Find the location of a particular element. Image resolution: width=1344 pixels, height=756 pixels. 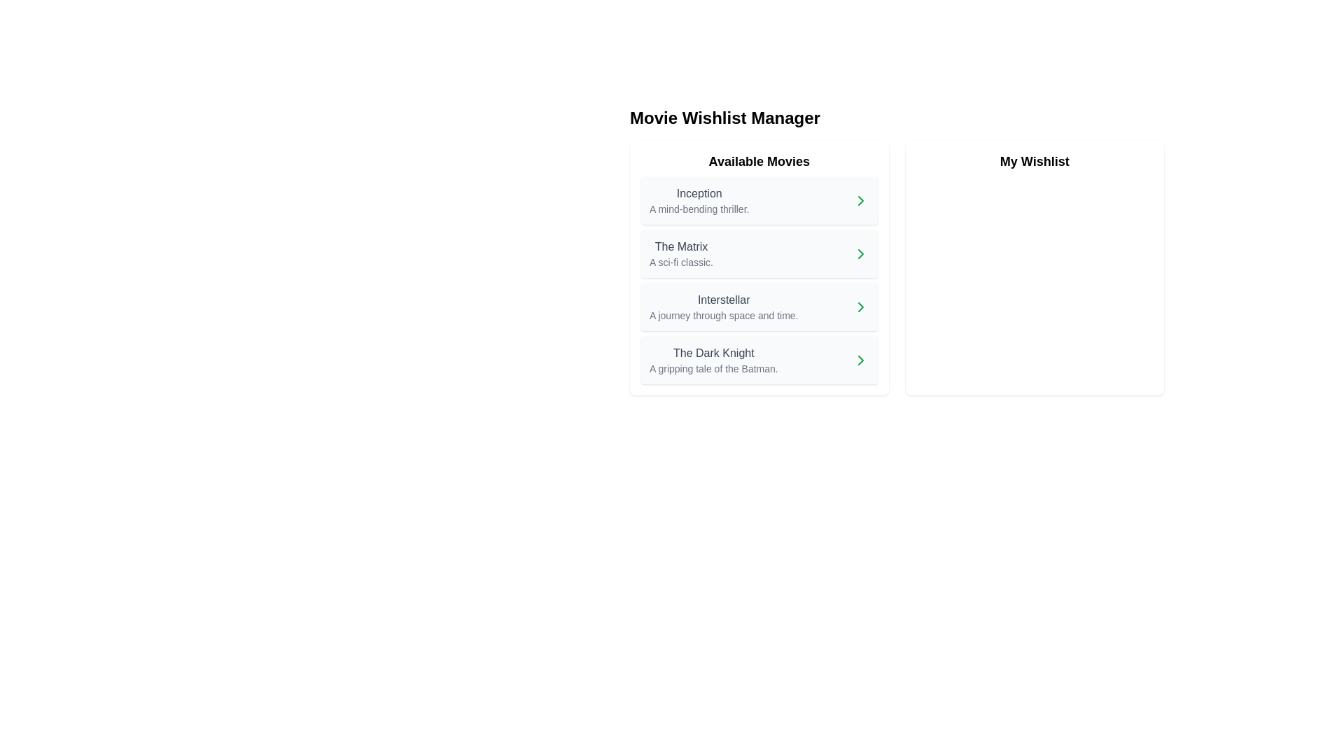

text content of the element displaying 'A gripping tale of the Batman.' which is located beneath the title 'The Dark Knight' in the fourth entry of the 'Available Movies' list is located at coordinates (713, 368).